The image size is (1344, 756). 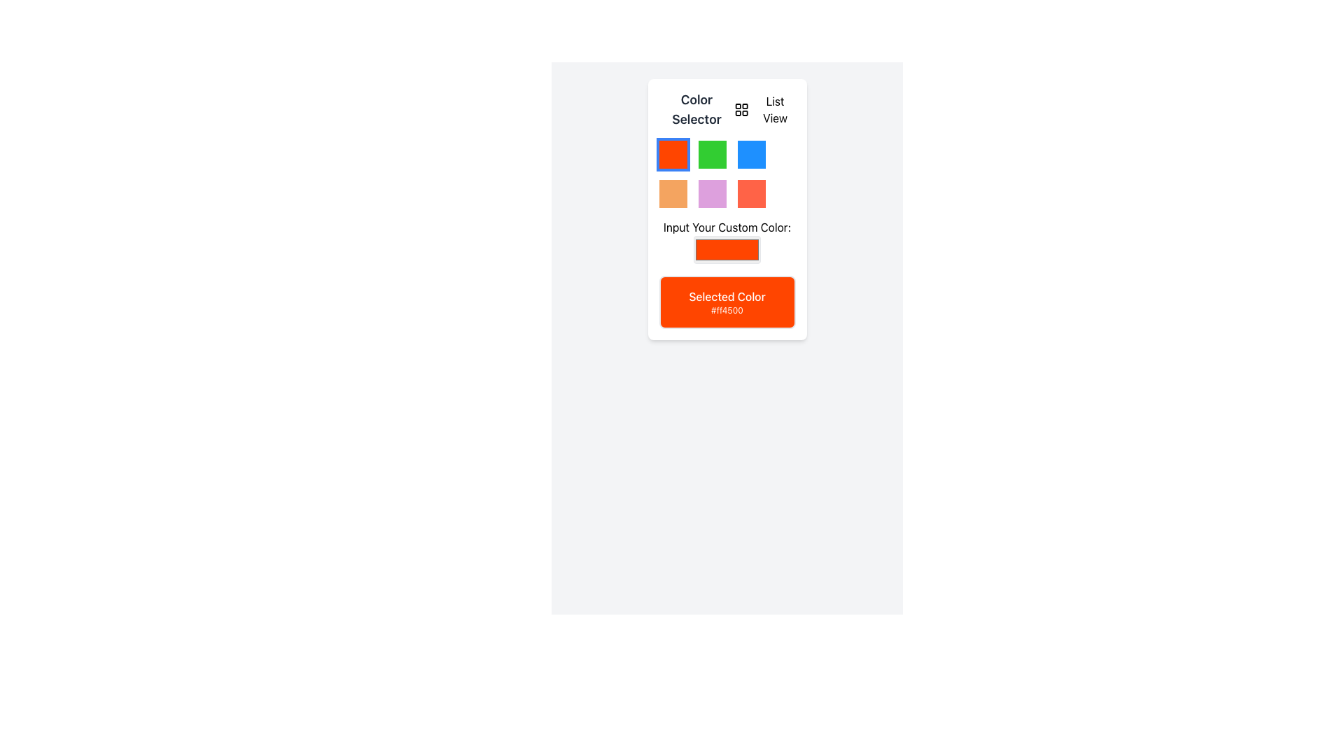 I want to click on color and code information from the informational display element labeled 'Selected Color' with the hexadecimal code '#ff4500', located at the bottom of the color selection interface, so click(x=727, y=302).